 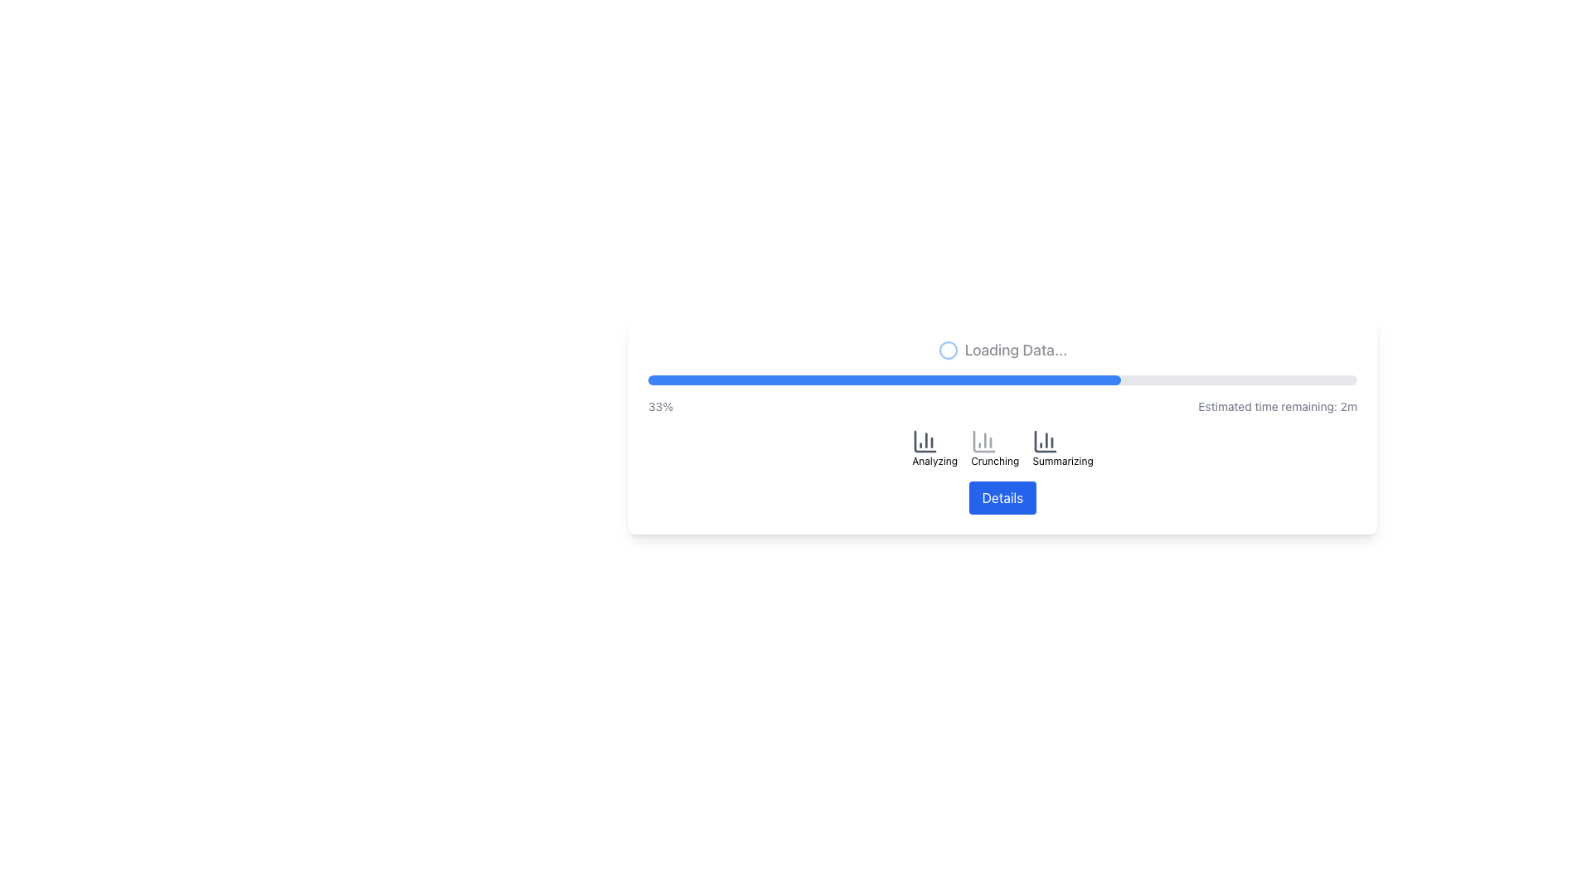 What do you see at coordinates (925, 440) in the screenshot?
I see `the status represented by the bar chart icon located above the text label 'Analyzing'` at bounding box center [925, 440].